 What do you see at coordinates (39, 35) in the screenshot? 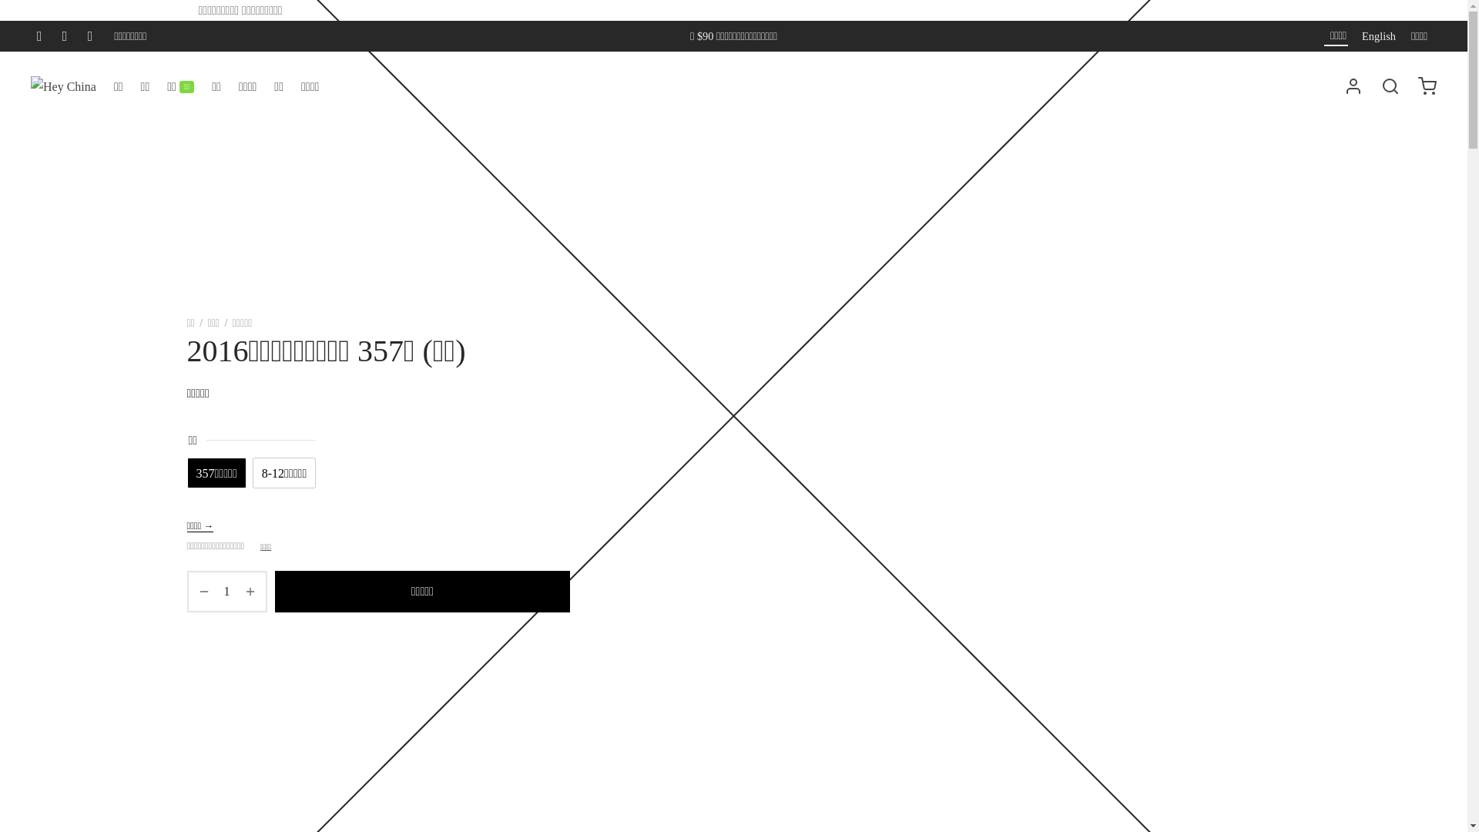
I see `'facebook'` at bounding box center [39, 35].